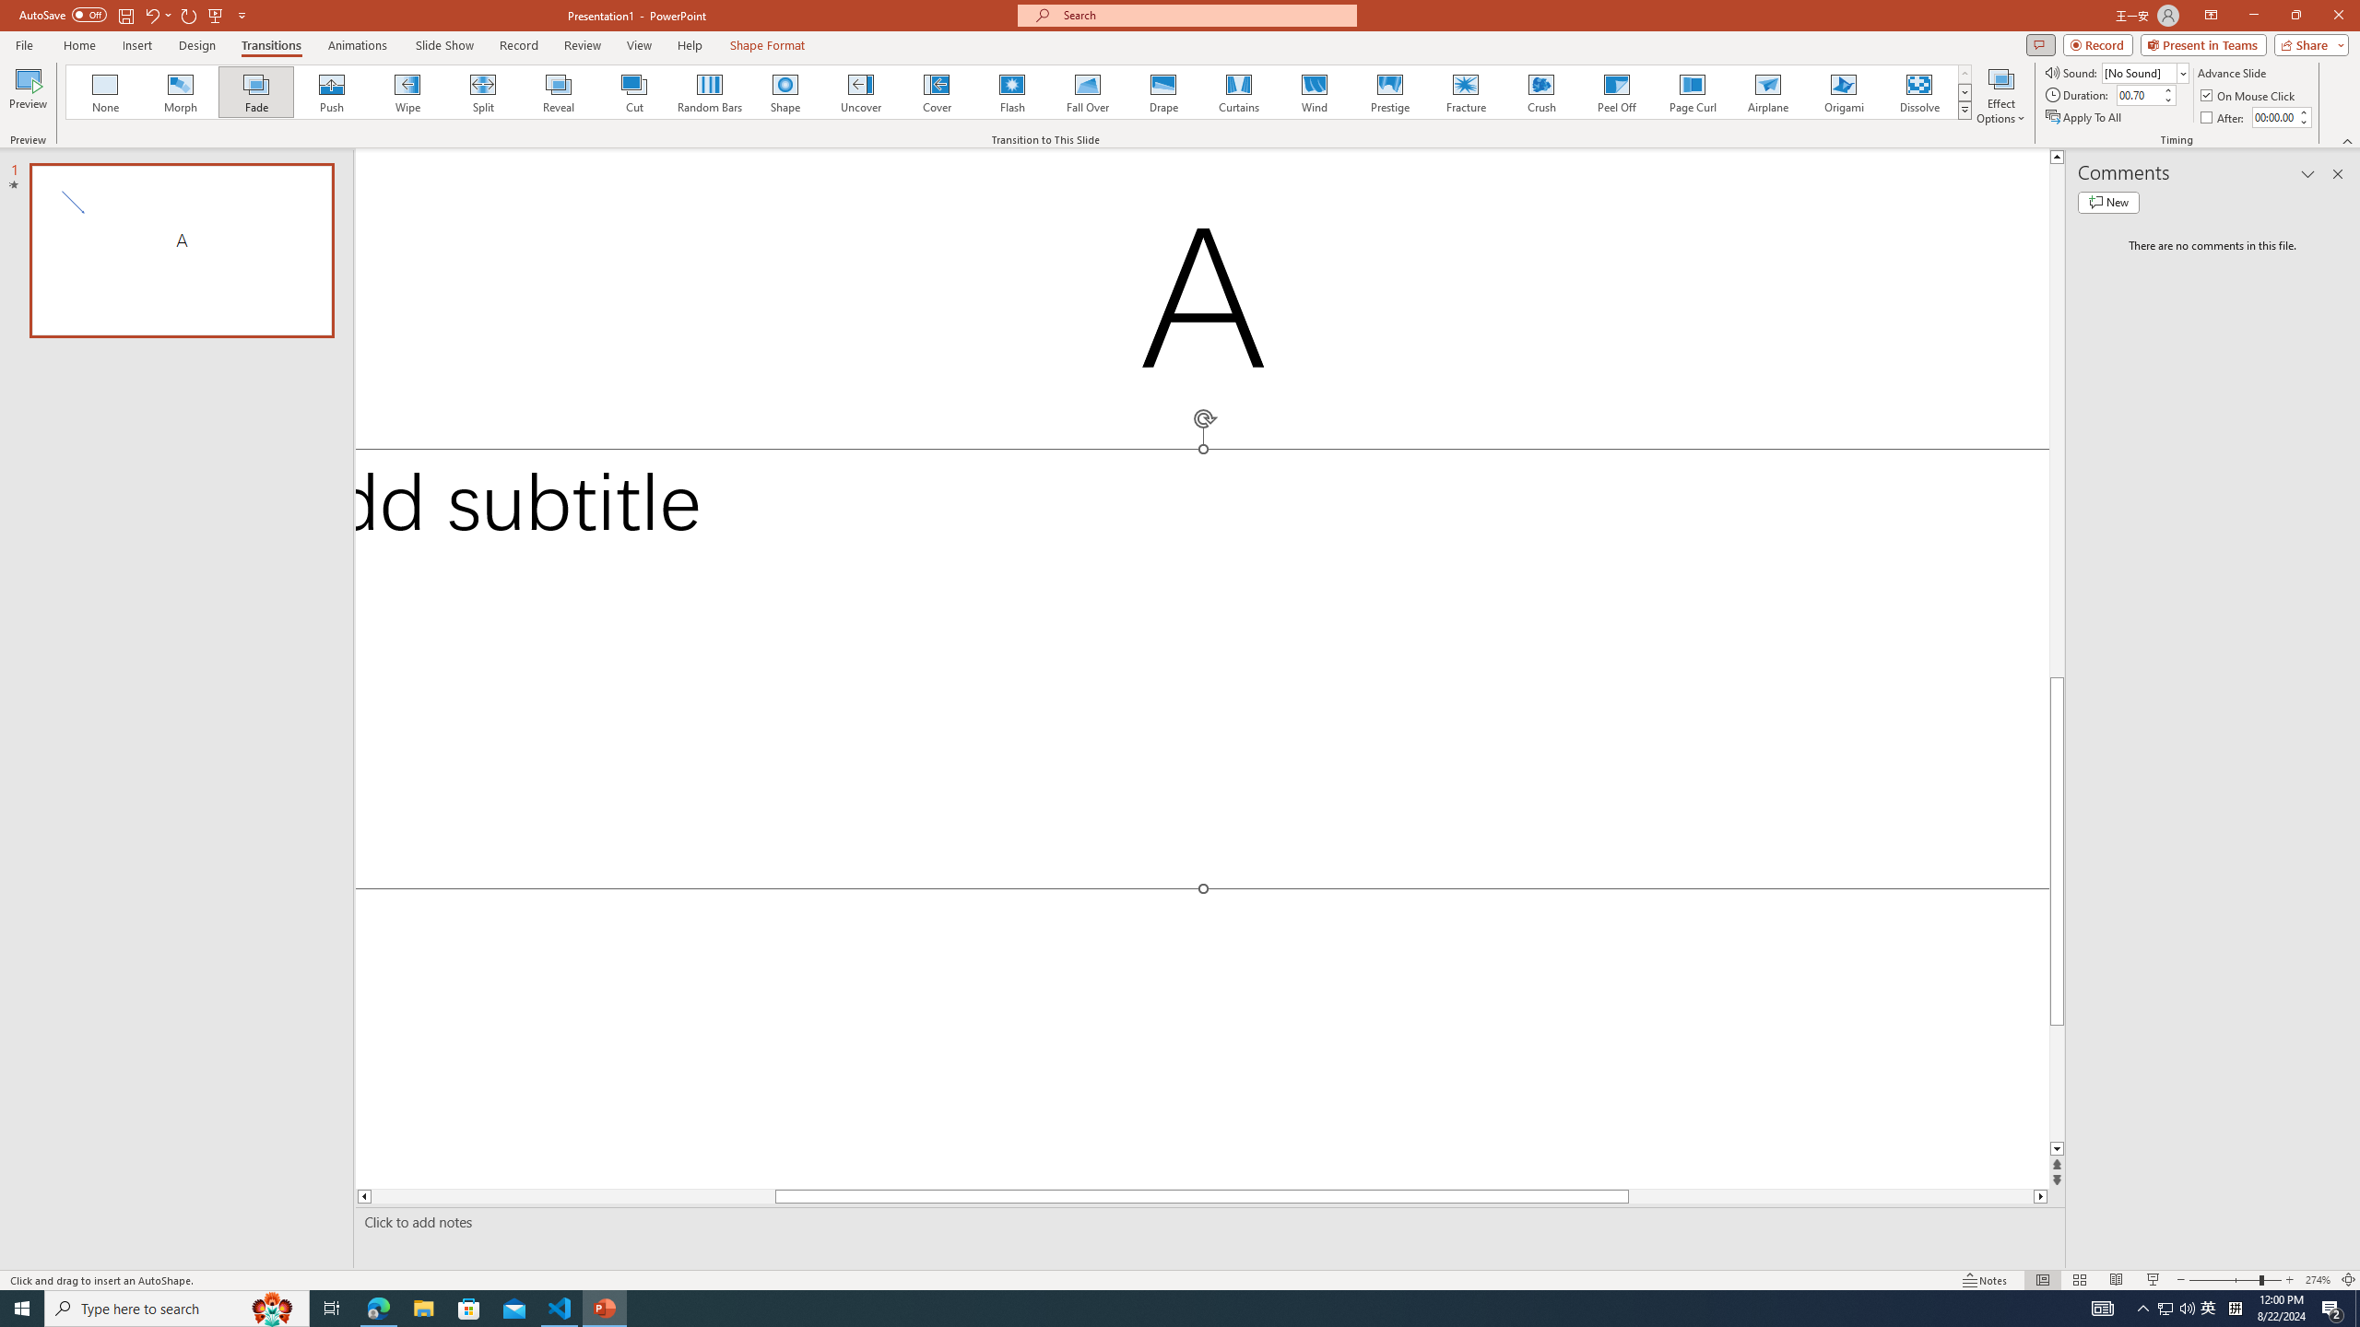  I want to click on 'Prestige', so click(1389, 91).